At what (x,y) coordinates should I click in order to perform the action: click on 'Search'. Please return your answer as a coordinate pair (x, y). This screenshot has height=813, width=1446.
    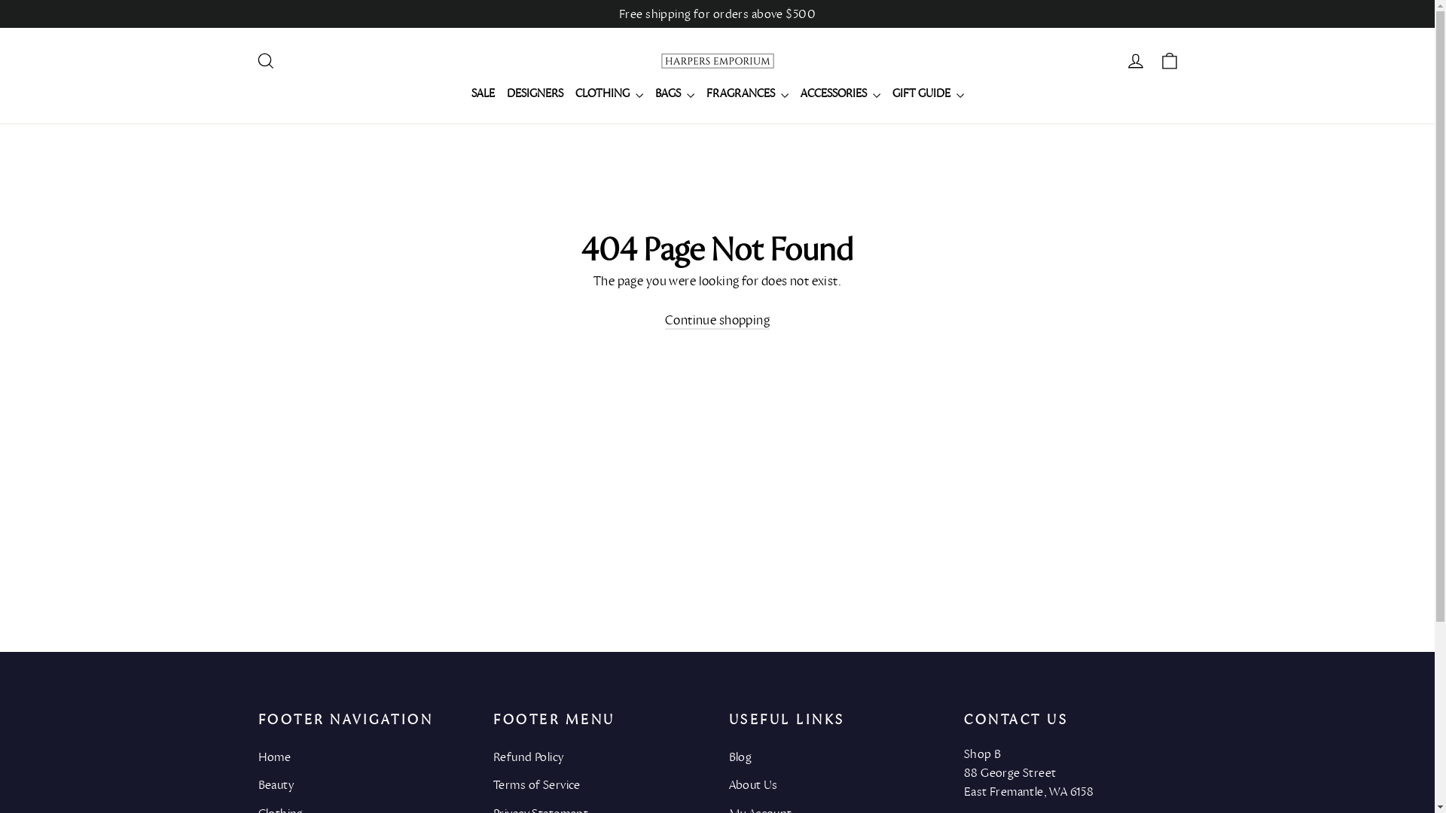
    Looking at the image, I should click on (249, 60).